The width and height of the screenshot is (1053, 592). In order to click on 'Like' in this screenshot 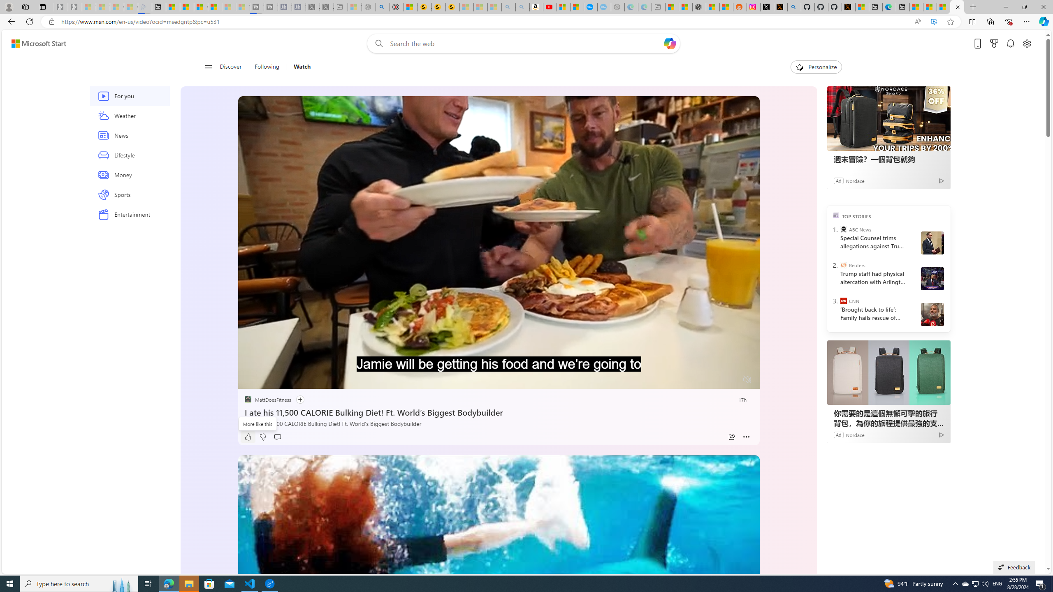, I will do `click(248, 437)`.